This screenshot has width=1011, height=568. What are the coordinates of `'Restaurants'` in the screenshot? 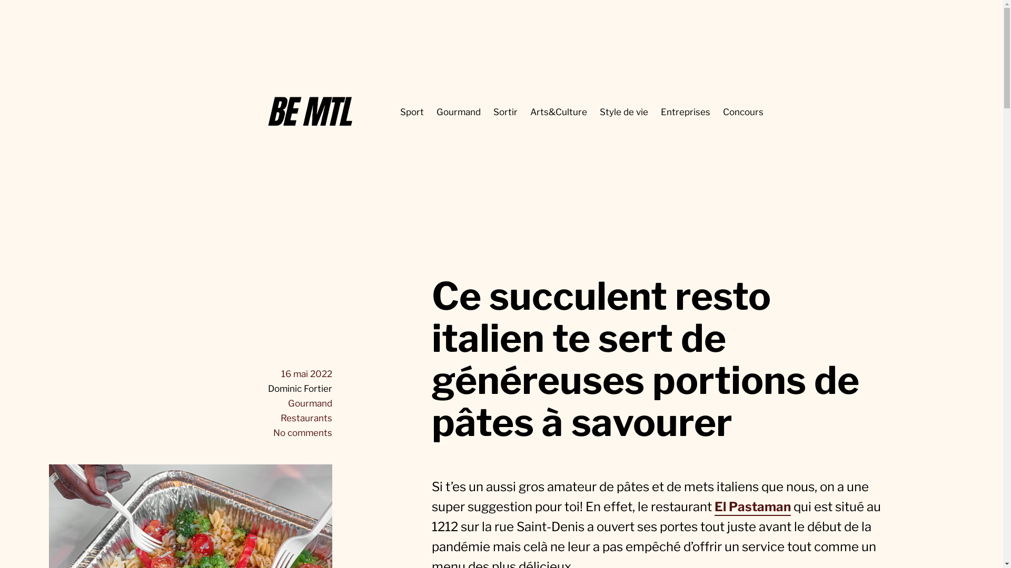 It's located at (305, 417).